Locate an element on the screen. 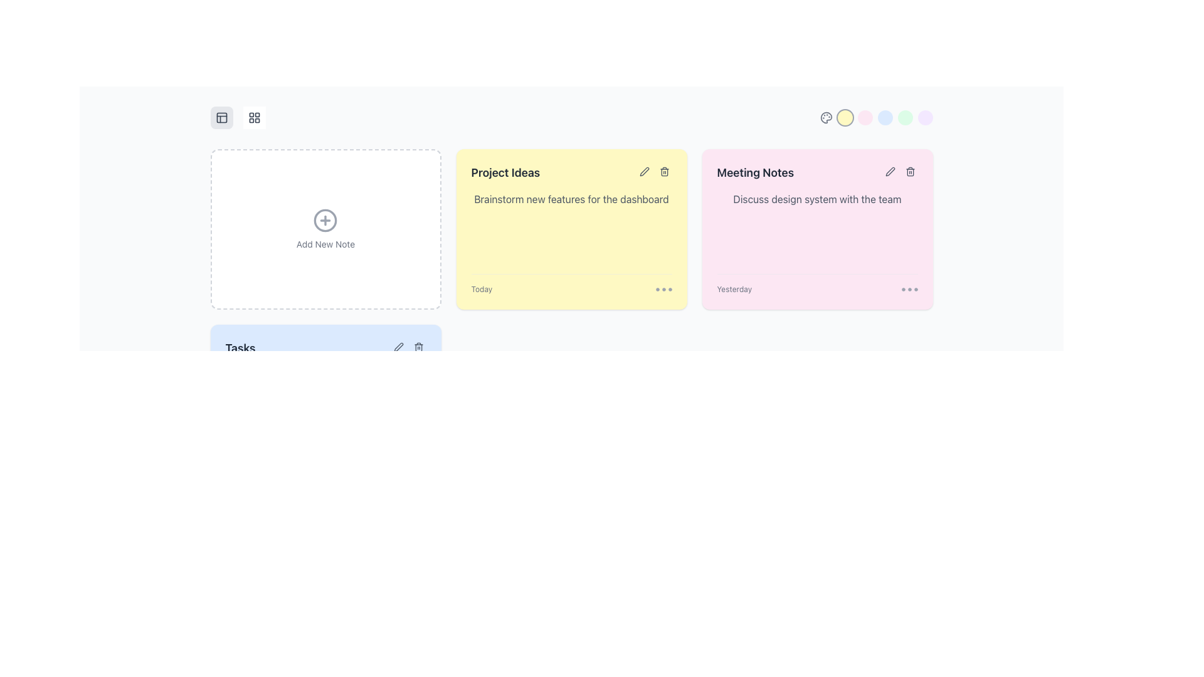 Image resolution: width=1204 pixels, height=677 pixels. the decorative SVG graphic icon representing a palette or color-related feature located in the upper right corner of the interface, near the circular color indicators is located at coordinates (826, 118).